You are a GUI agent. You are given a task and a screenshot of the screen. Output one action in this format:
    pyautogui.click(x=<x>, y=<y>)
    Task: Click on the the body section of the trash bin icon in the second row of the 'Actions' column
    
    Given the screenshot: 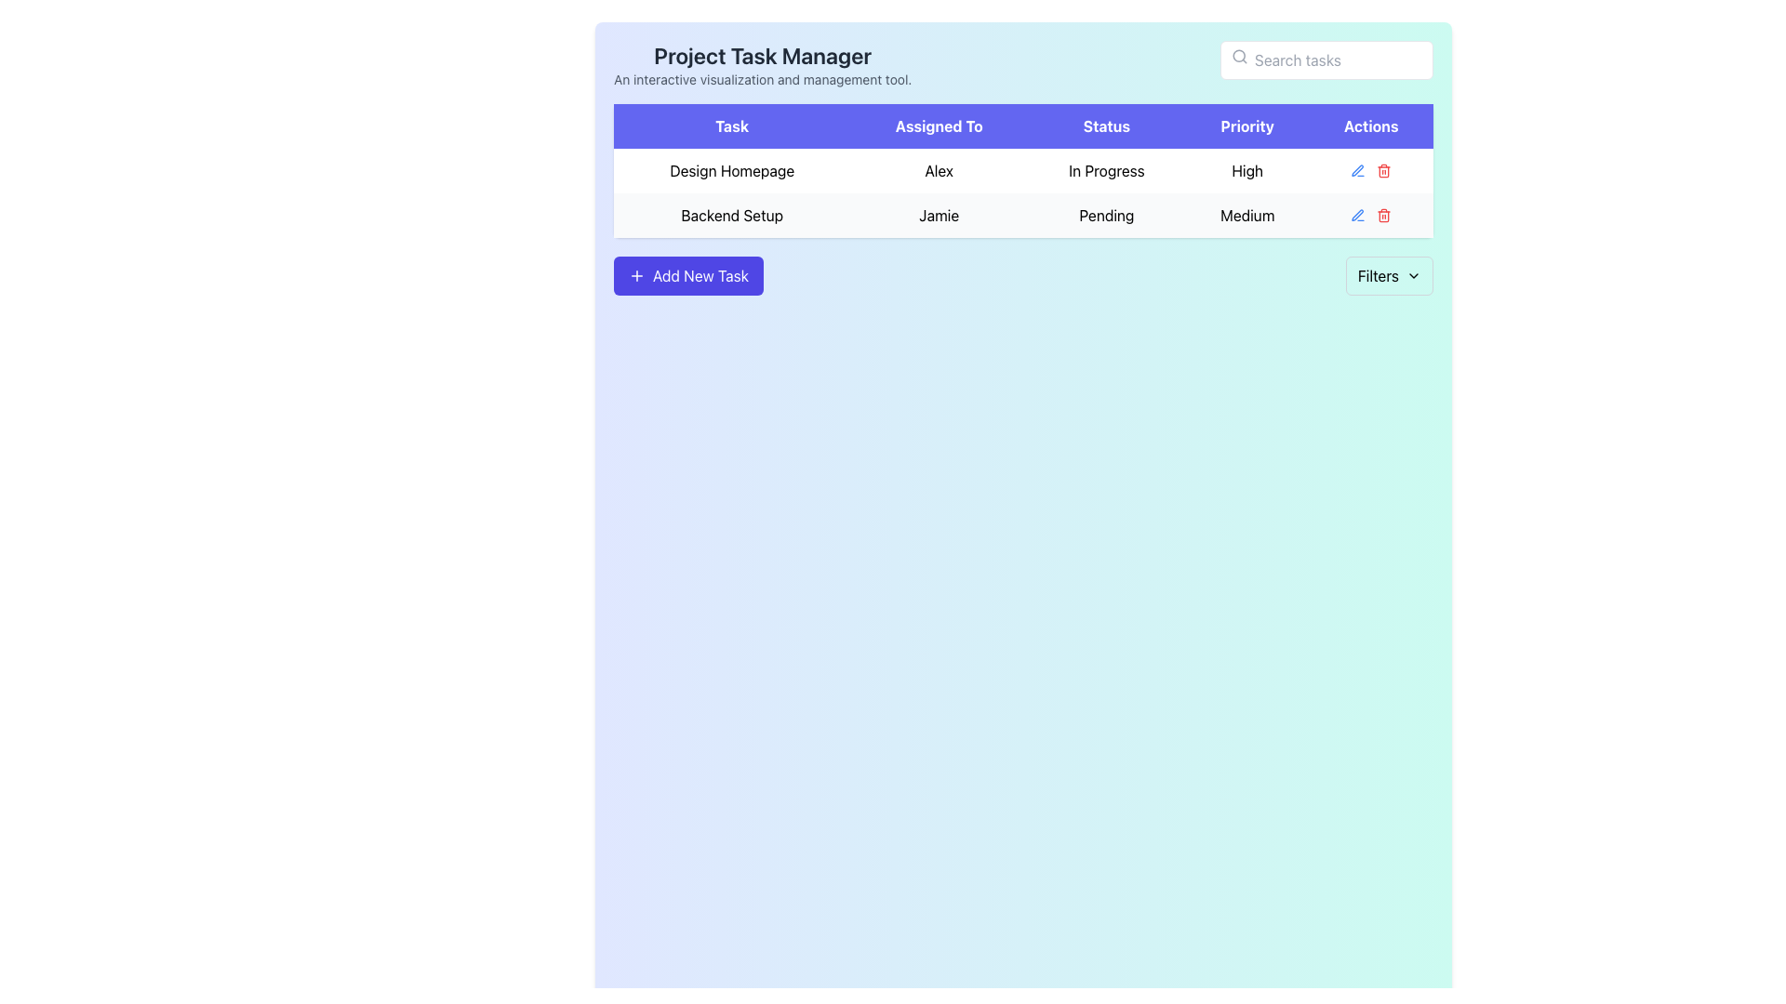 What is the action you would take?
    pyautogui.click(x=1384, y=172)
    